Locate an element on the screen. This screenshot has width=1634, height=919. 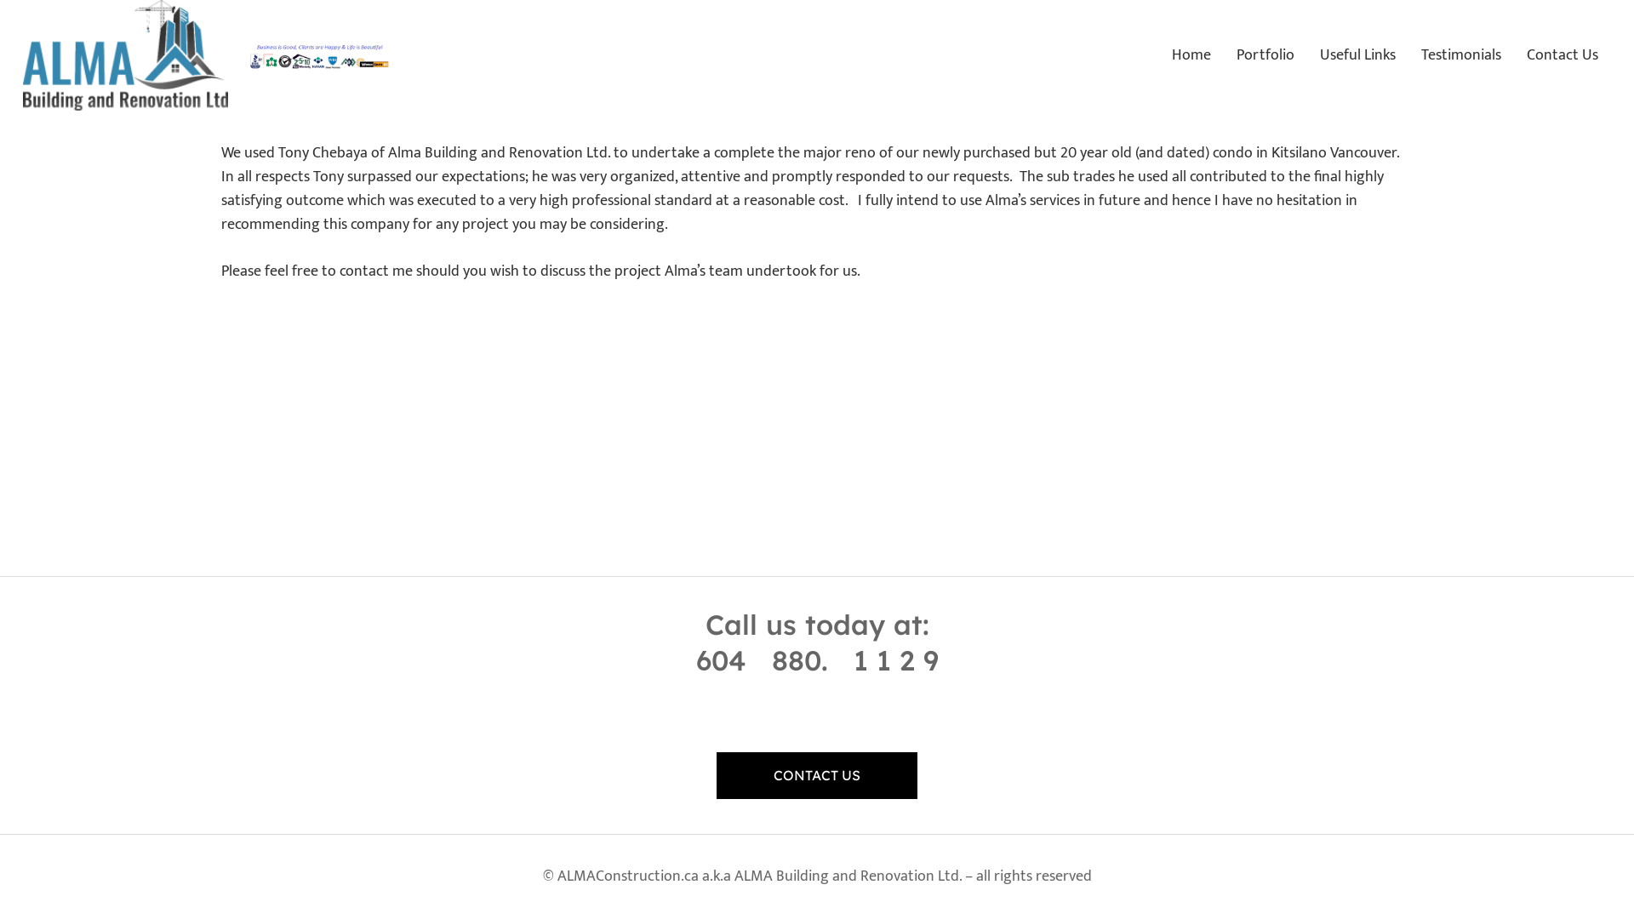
'Useful Links' is located at coordinates (1306, 54).